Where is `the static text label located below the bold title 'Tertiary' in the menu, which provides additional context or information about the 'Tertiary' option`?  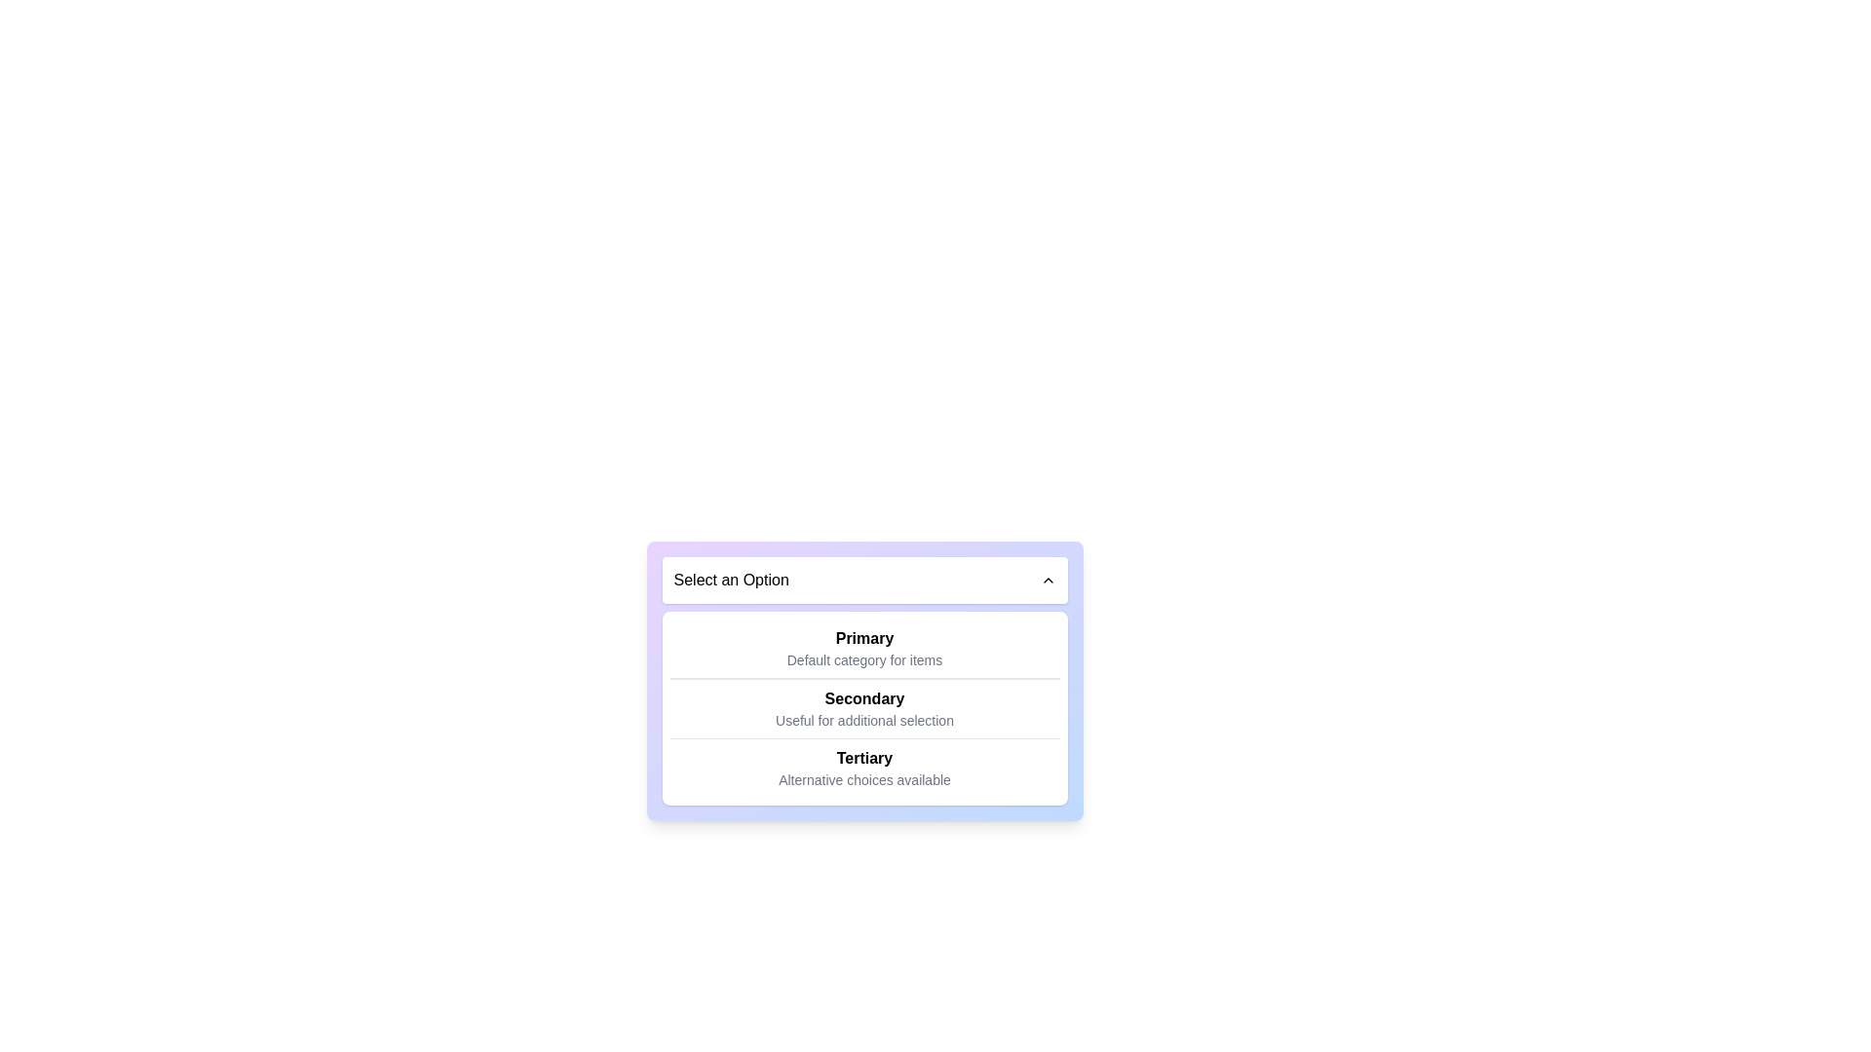
the static text label located below the bold title 'Tertiary' in the menu, which provides additional context or information about the 'Tertiary' option is located at coordinates (863, 779).